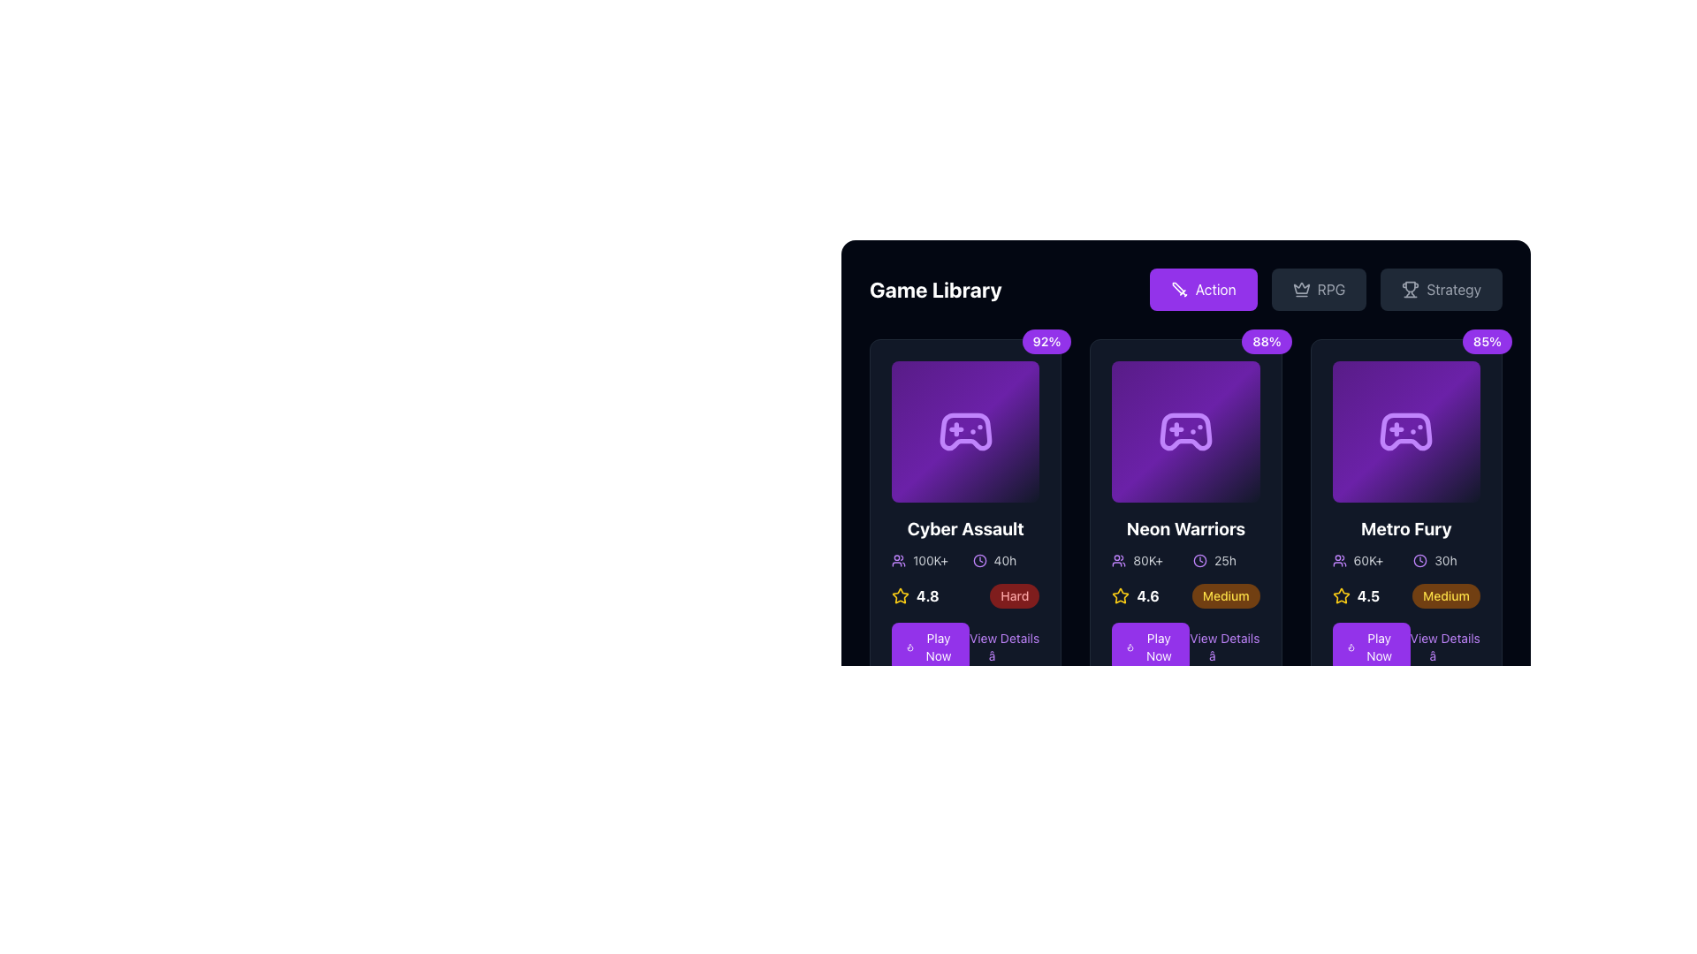 This screenshot has height=954, width=1697. Describe the element at coordinates (1186, 432) in the screenshot. I see `the 'Neon Warriors' interactive card located` at that location.